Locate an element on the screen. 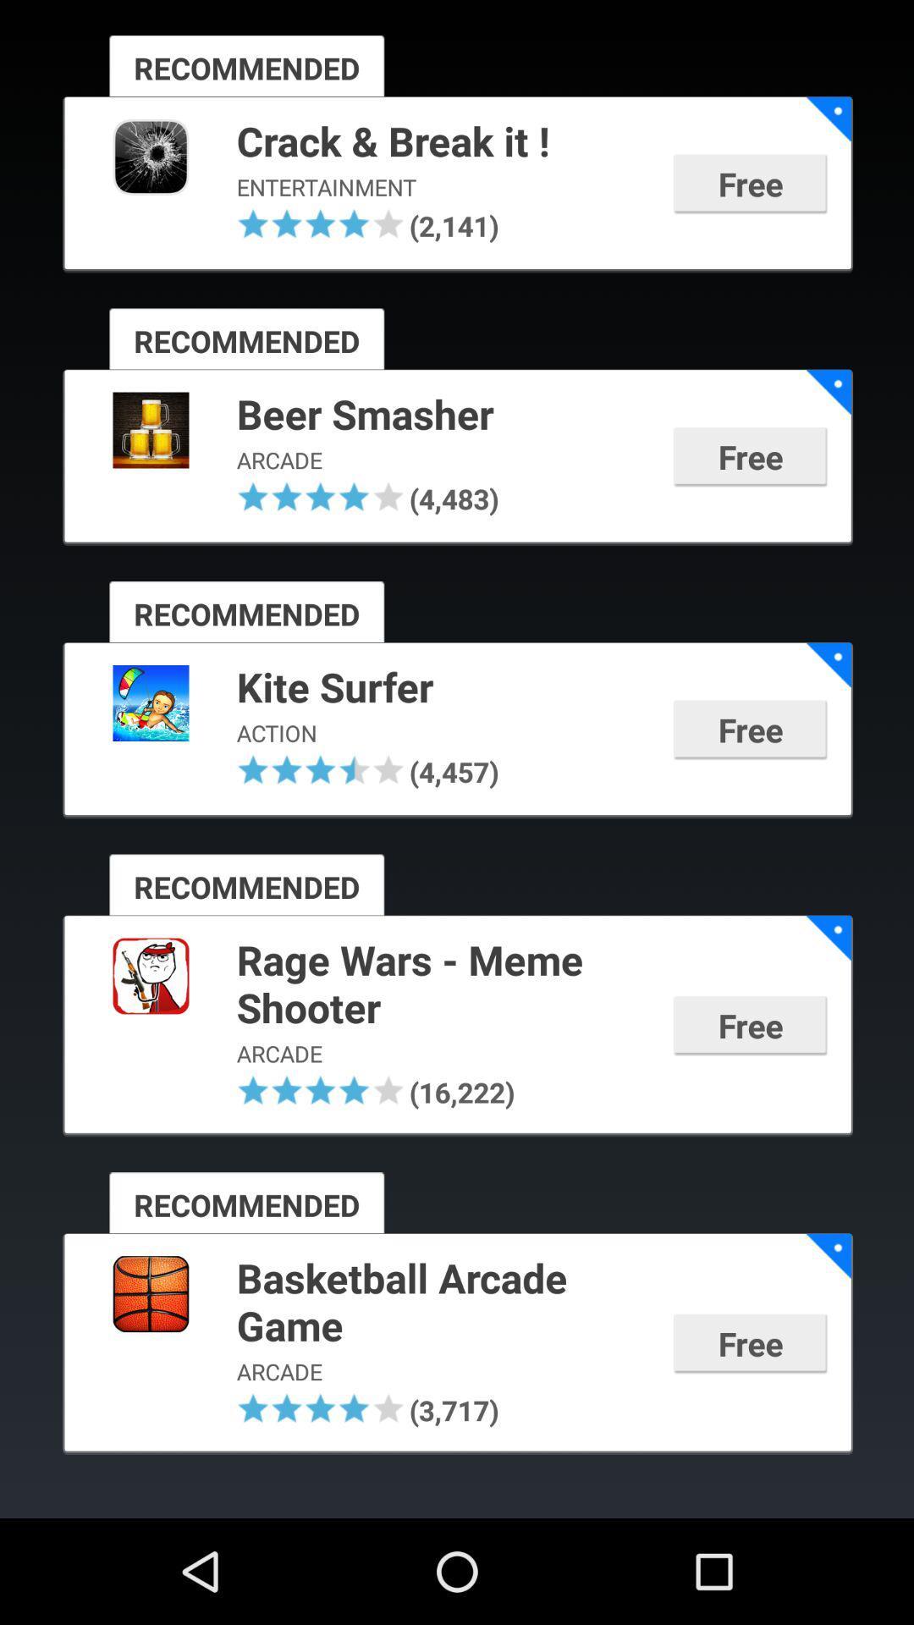 This screenshot has height=1625, width=914. icon above recommended item is located at coordinates (321, 768).